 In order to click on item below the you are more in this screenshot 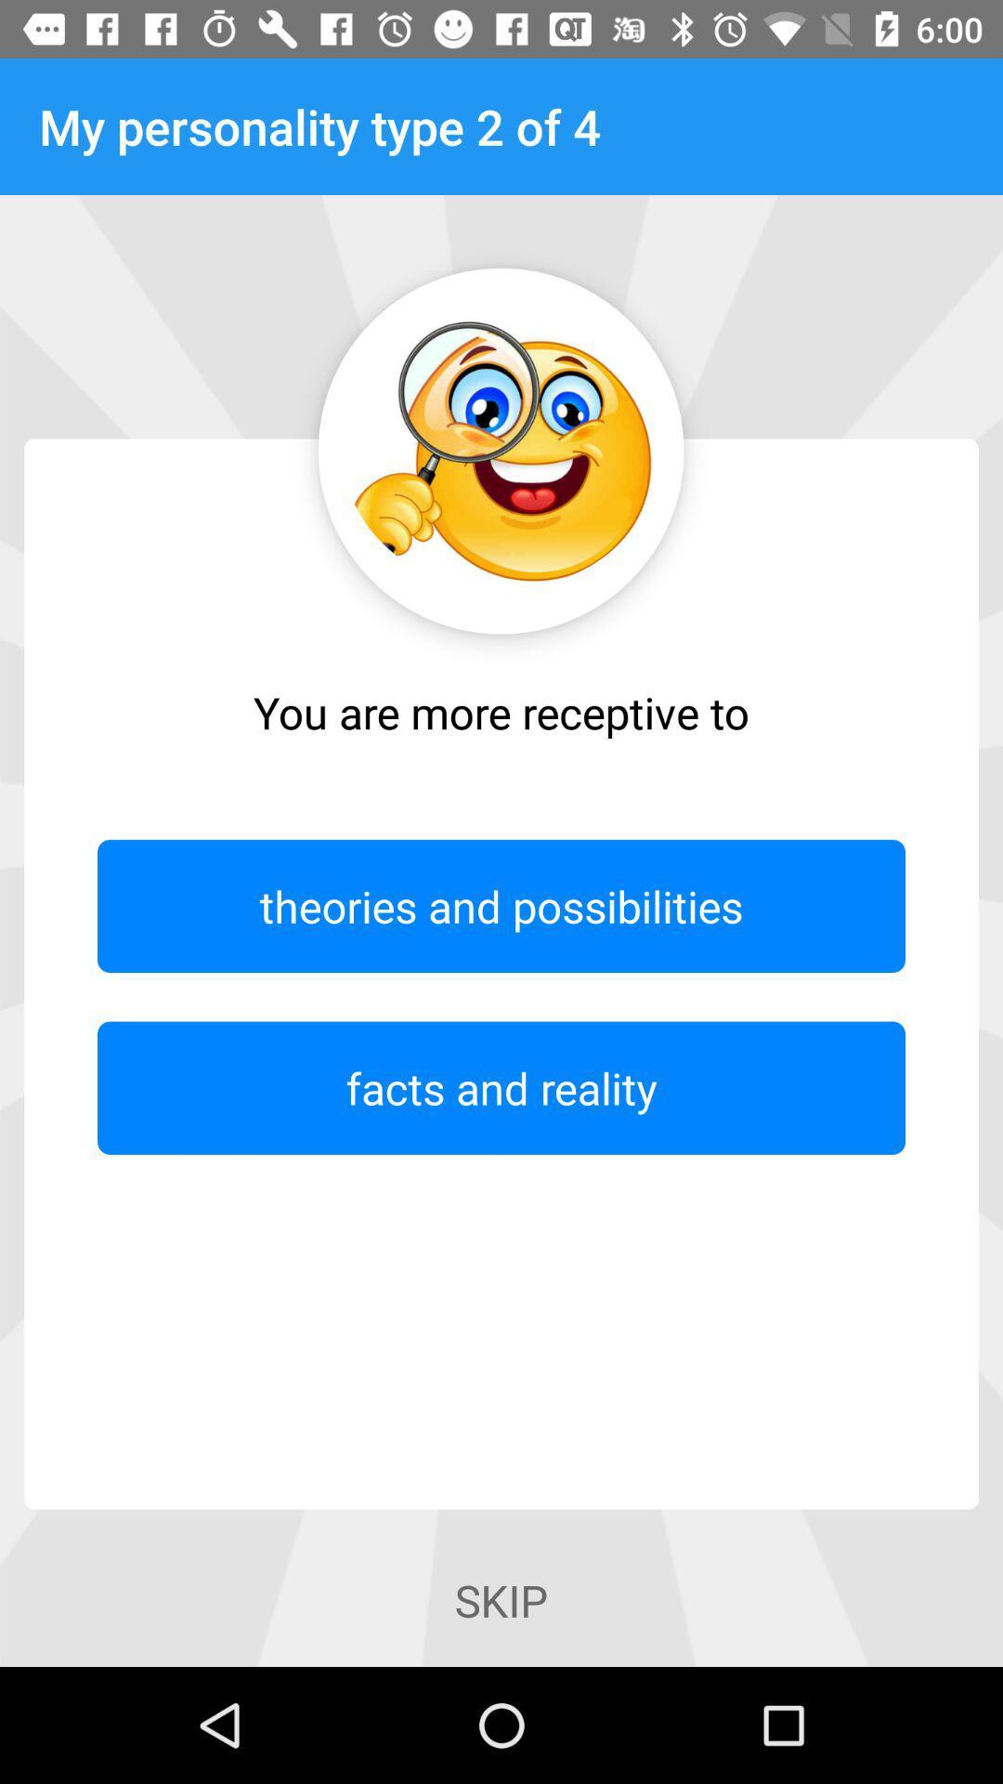, I will do `click(501, 906)`.